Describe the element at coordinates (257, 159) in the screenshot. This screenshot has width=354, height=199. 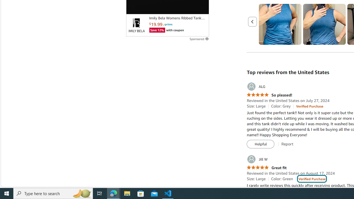
I see `'Jill W'` at that location.